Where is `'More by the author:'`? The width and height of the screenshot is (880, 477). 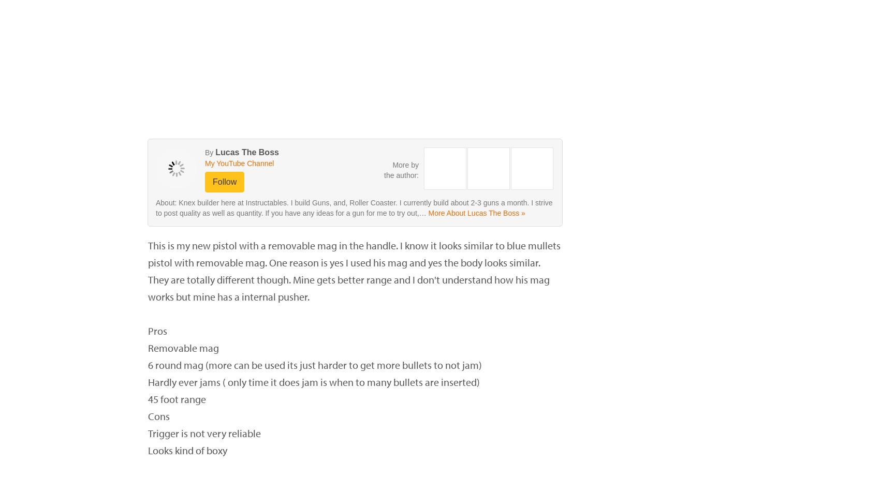
'More by the author:' is located at coordinates (401, 169).